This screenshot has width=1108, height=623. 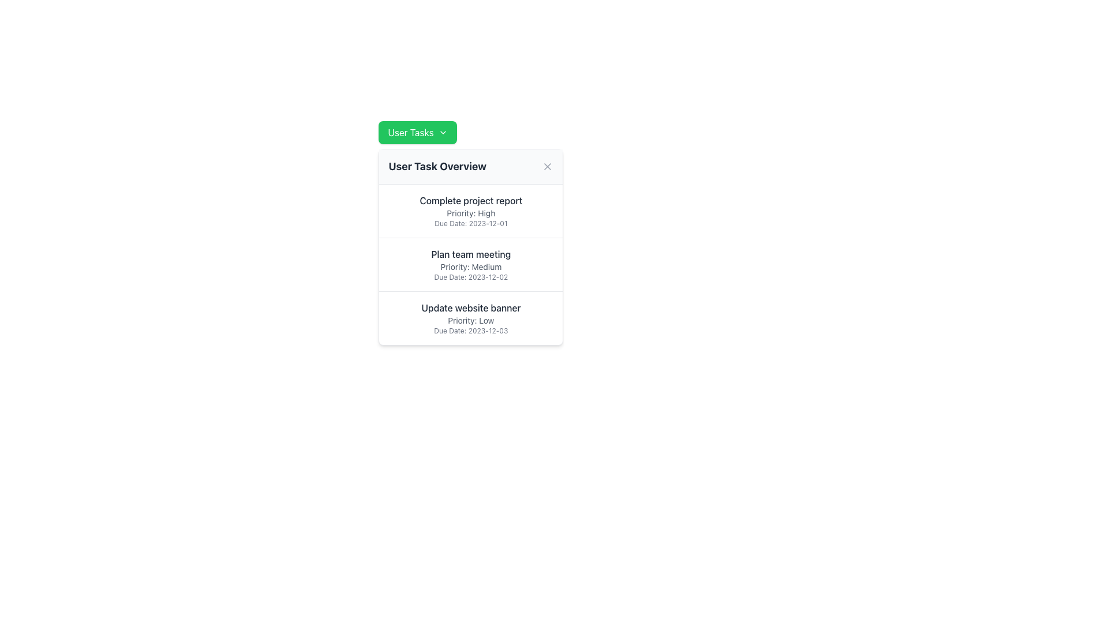 What do you see at coordinates (471, 246) in the screenshot?
I see `task details from the Component Panel located below the 'User Tasks' button, which displays a list of user tasks with details such as priority and due date` at bounding box center [471, 246].